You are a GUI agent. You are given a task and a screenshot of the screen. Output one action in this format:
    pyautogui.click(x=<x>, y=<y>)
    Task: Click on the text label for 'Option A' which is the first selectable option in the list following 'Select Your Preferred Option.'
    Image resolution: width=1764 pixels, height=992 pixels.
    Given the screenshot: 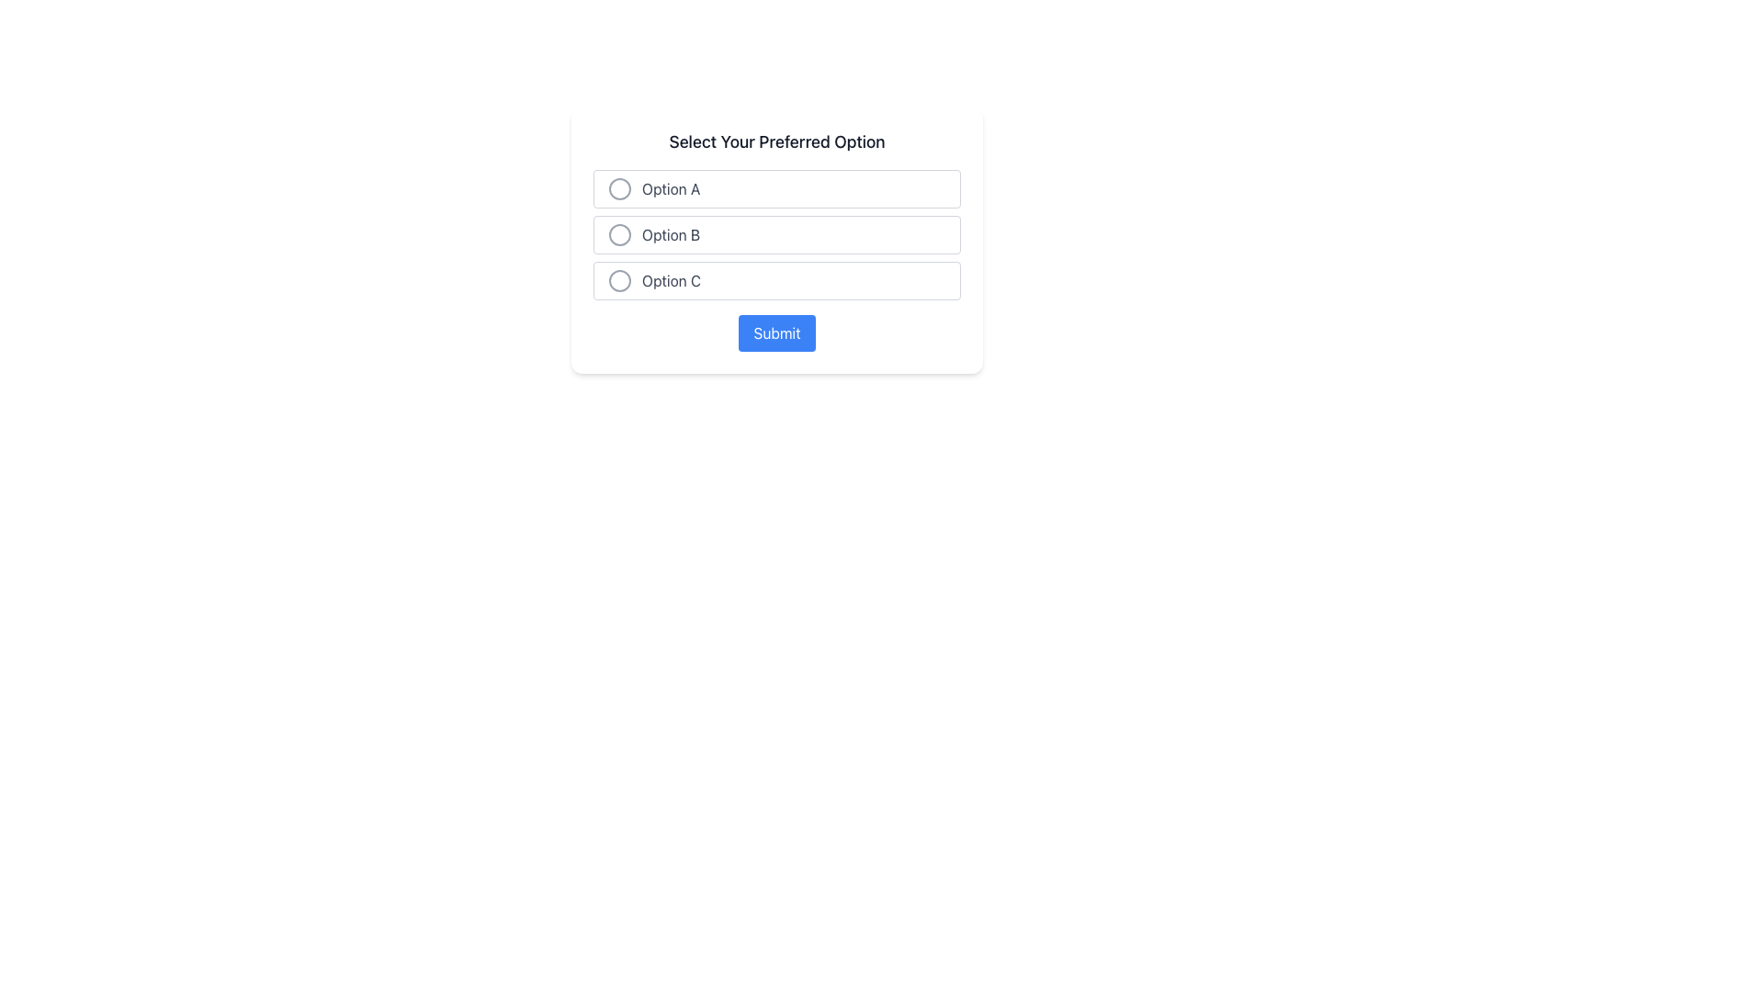 What is the action you would take?
    pyautogui.click(x=670, y=188)
    